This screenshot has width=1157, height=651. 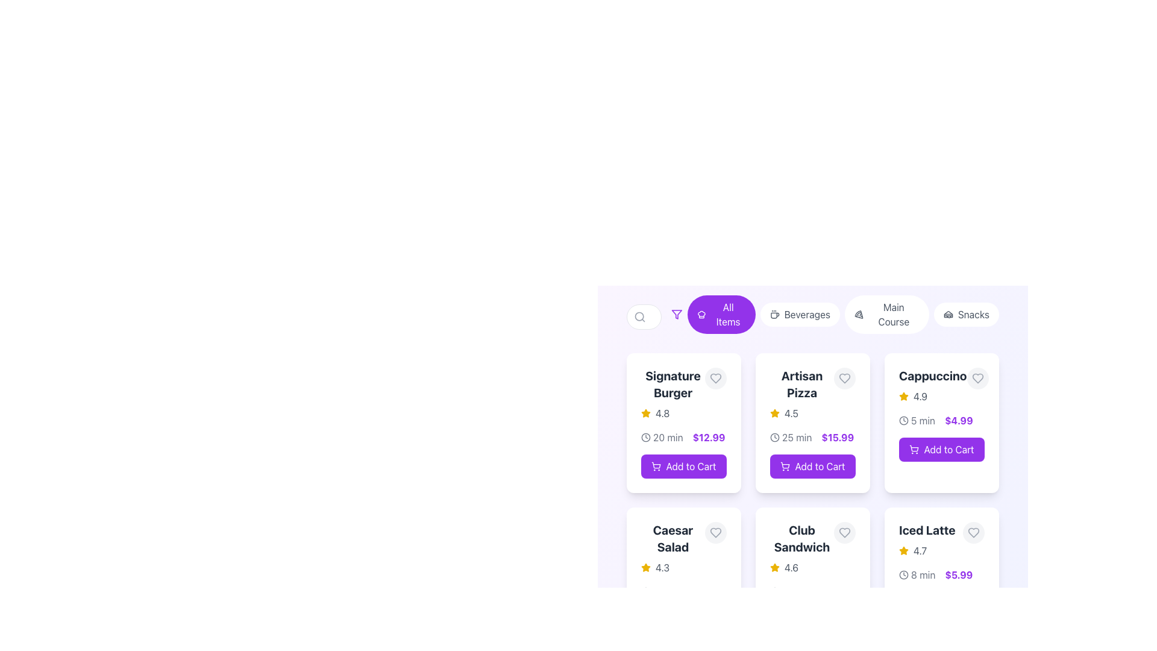 I want to click on the SVG Circle element located within the clock icon at the top-right area of the interface, which indicates timer or time-related information, so click(x=645, y=437).